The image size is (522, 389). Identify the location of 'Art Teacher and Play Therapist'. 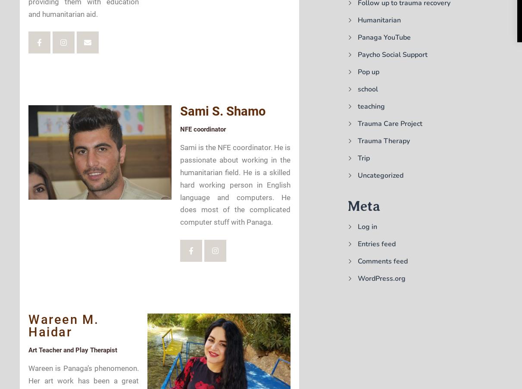
(73, 349).